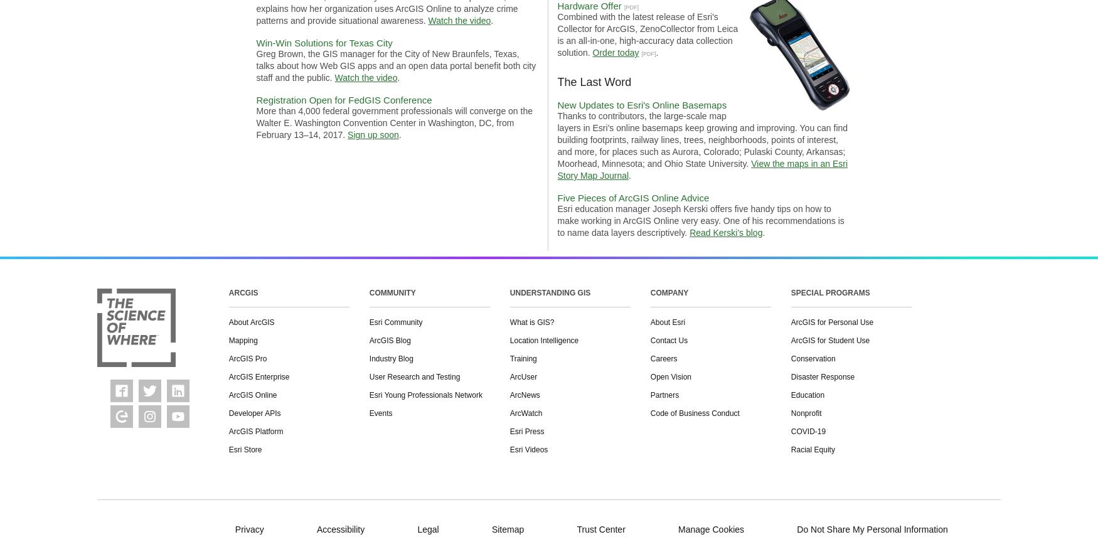 The image size is (1098, 559). I want to click on 'Careers', so click(663, 359).